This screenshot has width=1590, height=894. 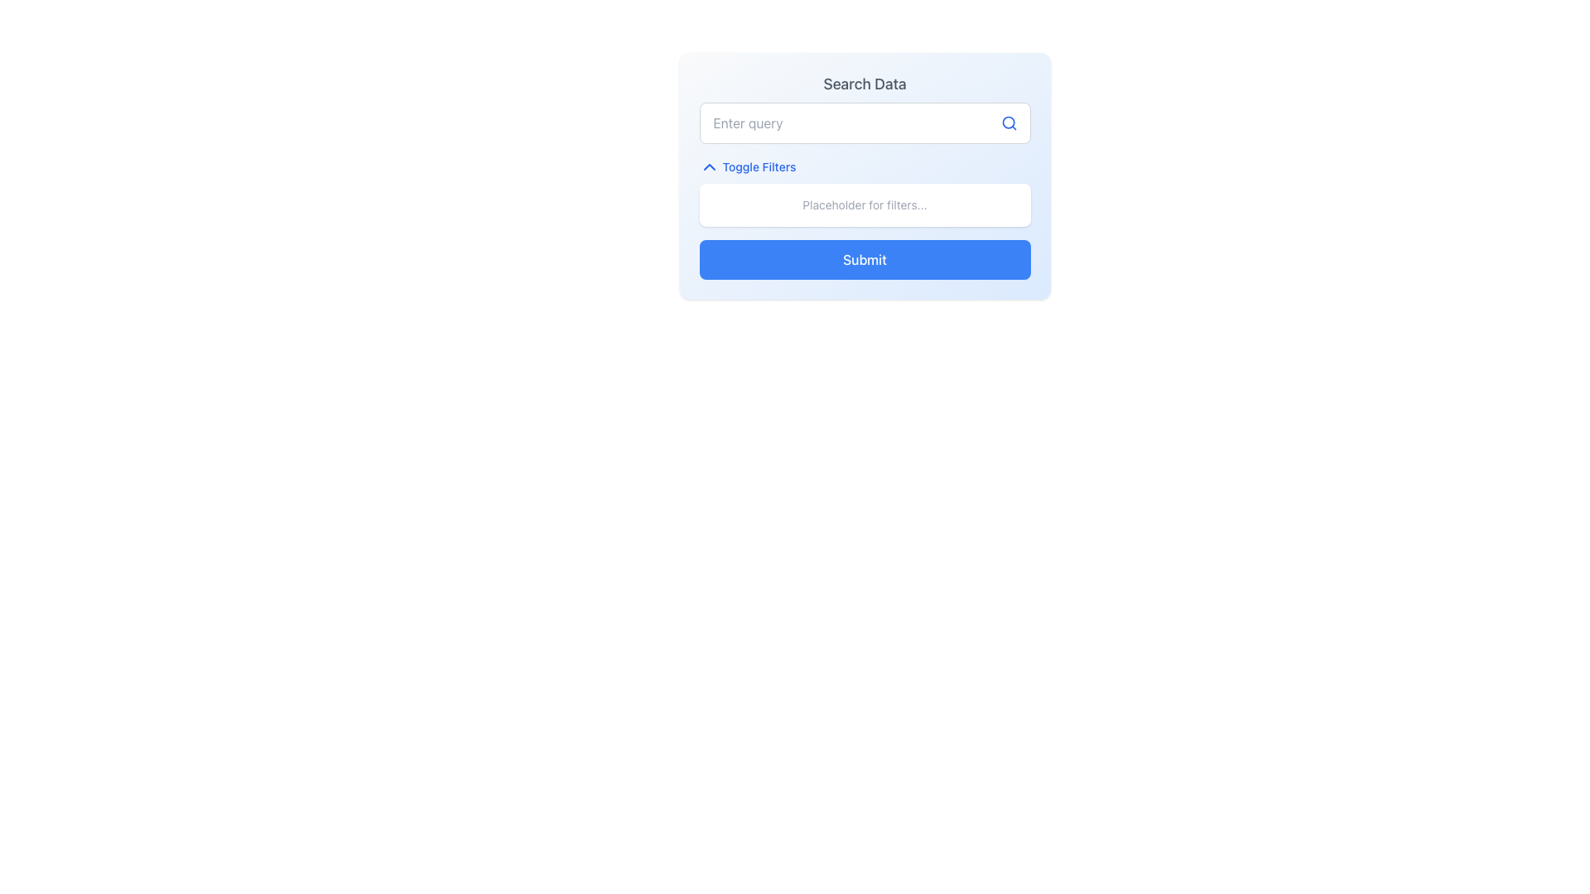 What do you see at coordinates (709, 166) in the screenshot?
I see `the upward-facing chevron icon with a blue outline, located to the left of the 'Toggle Filters' text label in the search form interface, to trigger any hover effects` at bounding box center [709, 166].